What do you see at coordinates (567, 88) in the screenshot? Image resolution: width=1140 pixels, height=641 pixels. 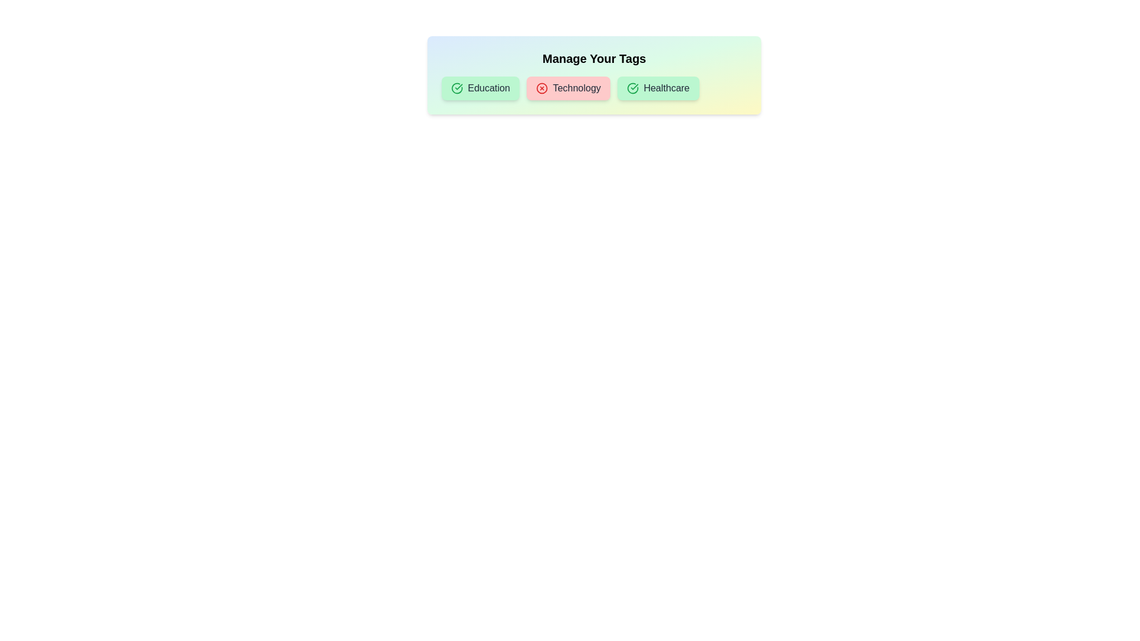 I see `the tag labeled Technology` at bounding box center [567, 88].